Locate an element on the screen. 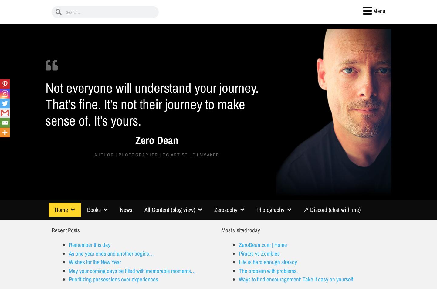 The image size is (437, 289). 'Photography' is located at coordinates (270, 209).